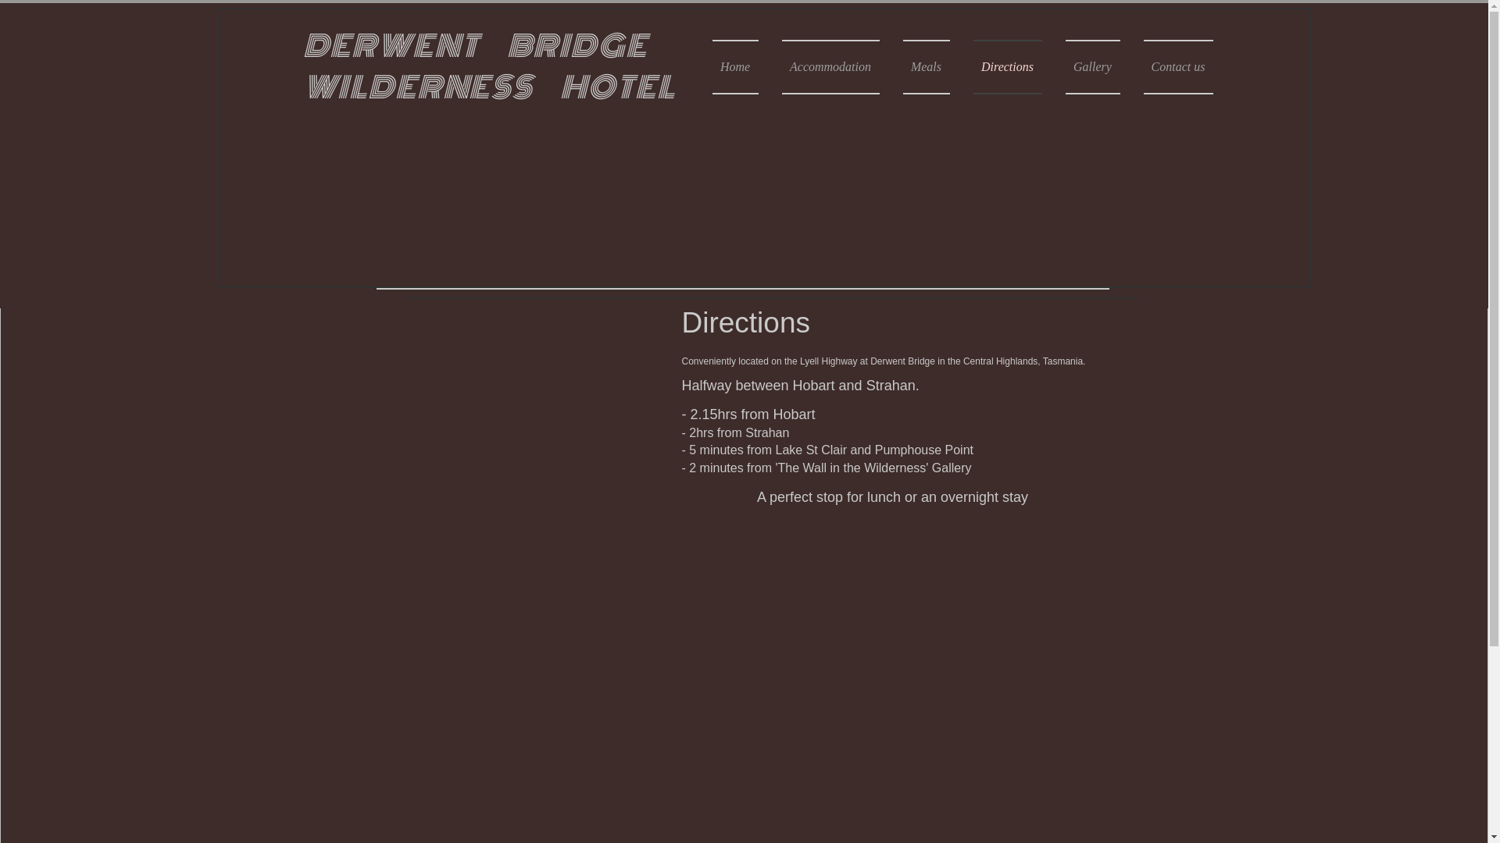 Image resolution: width=1500 pixels, height=843 pixels. Describe the element at coordinates (926, 66) in the screenshot. I see `'Meals'` at that location.